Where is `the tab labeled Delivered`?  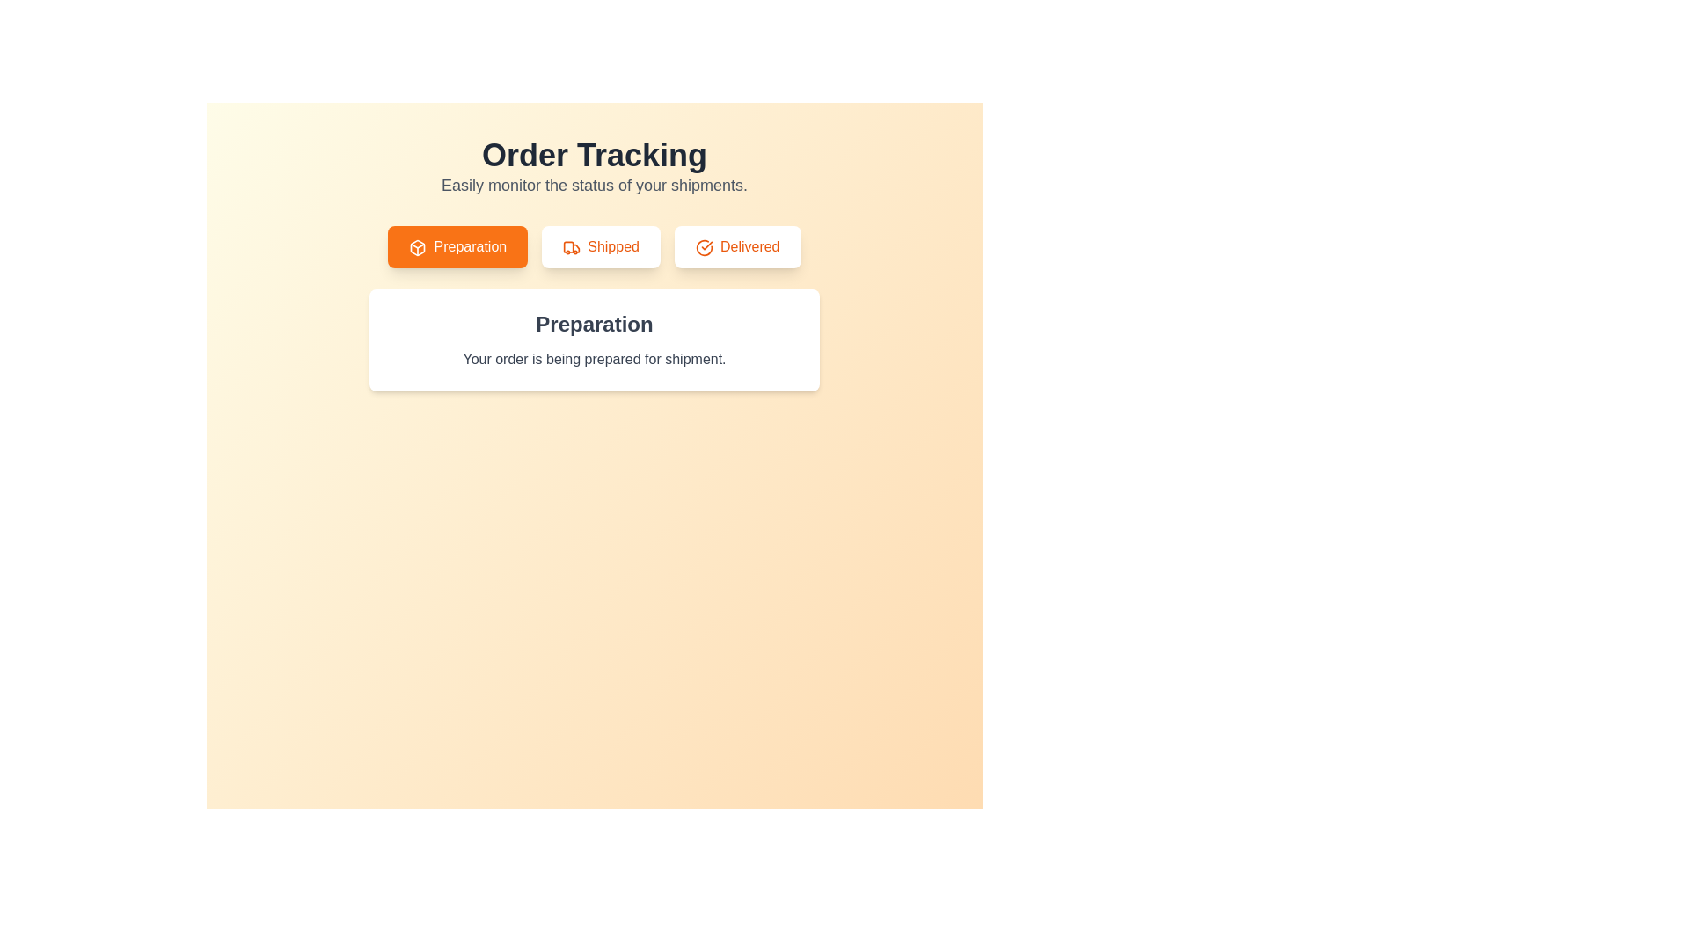
the tab labeled Delivered is located at coordinates (737, 247).